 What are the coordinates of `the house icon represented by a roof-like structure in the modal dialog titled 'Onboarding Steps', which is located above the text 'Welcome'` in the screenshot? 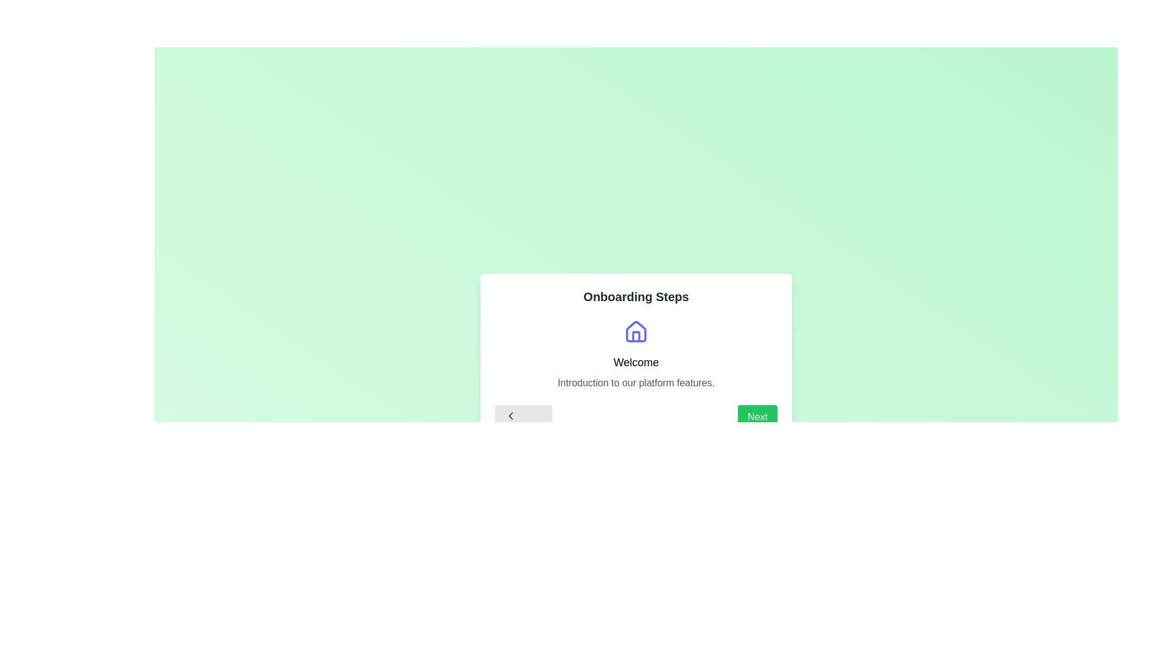 It's located at (636, 331).